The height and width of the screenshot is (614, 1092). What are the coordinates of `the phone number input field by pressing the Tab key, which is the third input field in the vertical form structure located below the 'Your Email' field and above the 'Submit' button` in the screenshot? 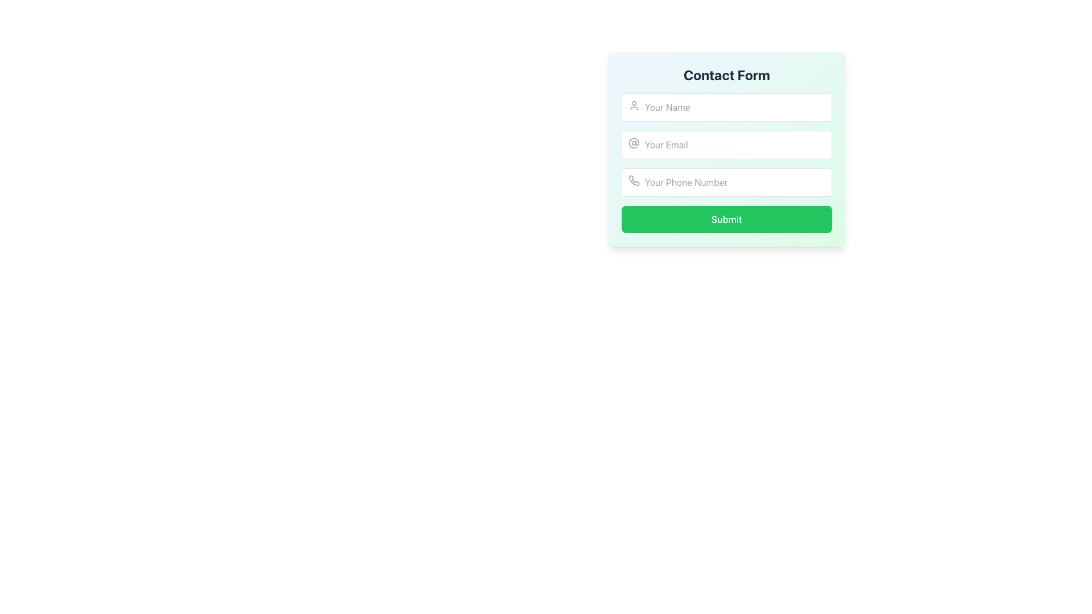 It's located at (726, 181).